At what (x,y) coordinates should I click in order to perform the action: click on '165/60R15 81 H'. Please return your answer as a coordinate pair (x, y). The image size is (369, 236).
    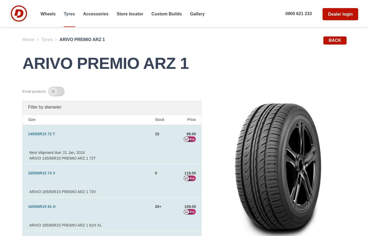
    Looking at the image, I should click on (41, 206).